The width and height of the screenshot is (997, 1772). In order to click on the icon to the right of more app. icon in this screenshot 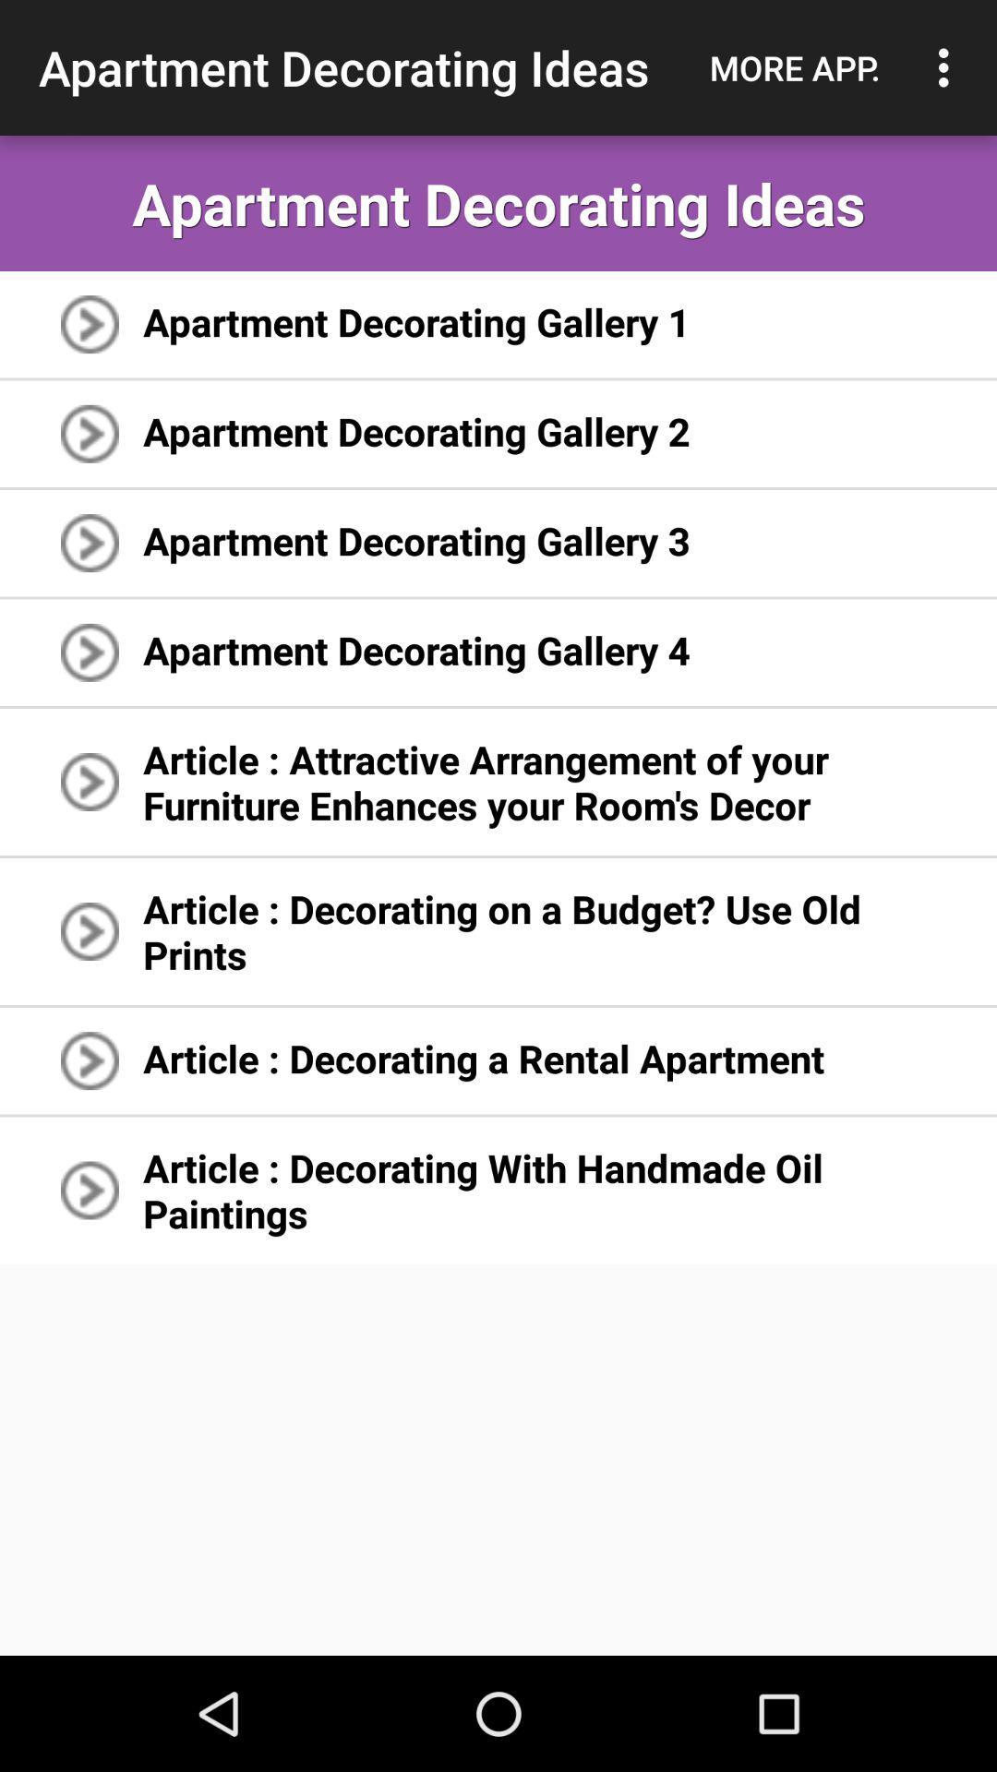, I will do `click(948, 67)`.